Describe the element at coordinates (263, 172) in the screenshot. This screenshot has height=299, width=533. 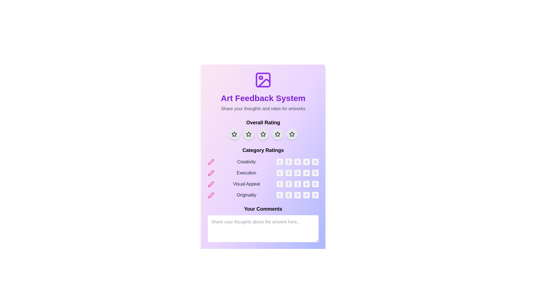
I see `category descriptions from the composite UI element located under the 'Overall Rating' section and above the 'Your Comments' section, which contains interactive buttons for rating from 1 to 5` at that location.